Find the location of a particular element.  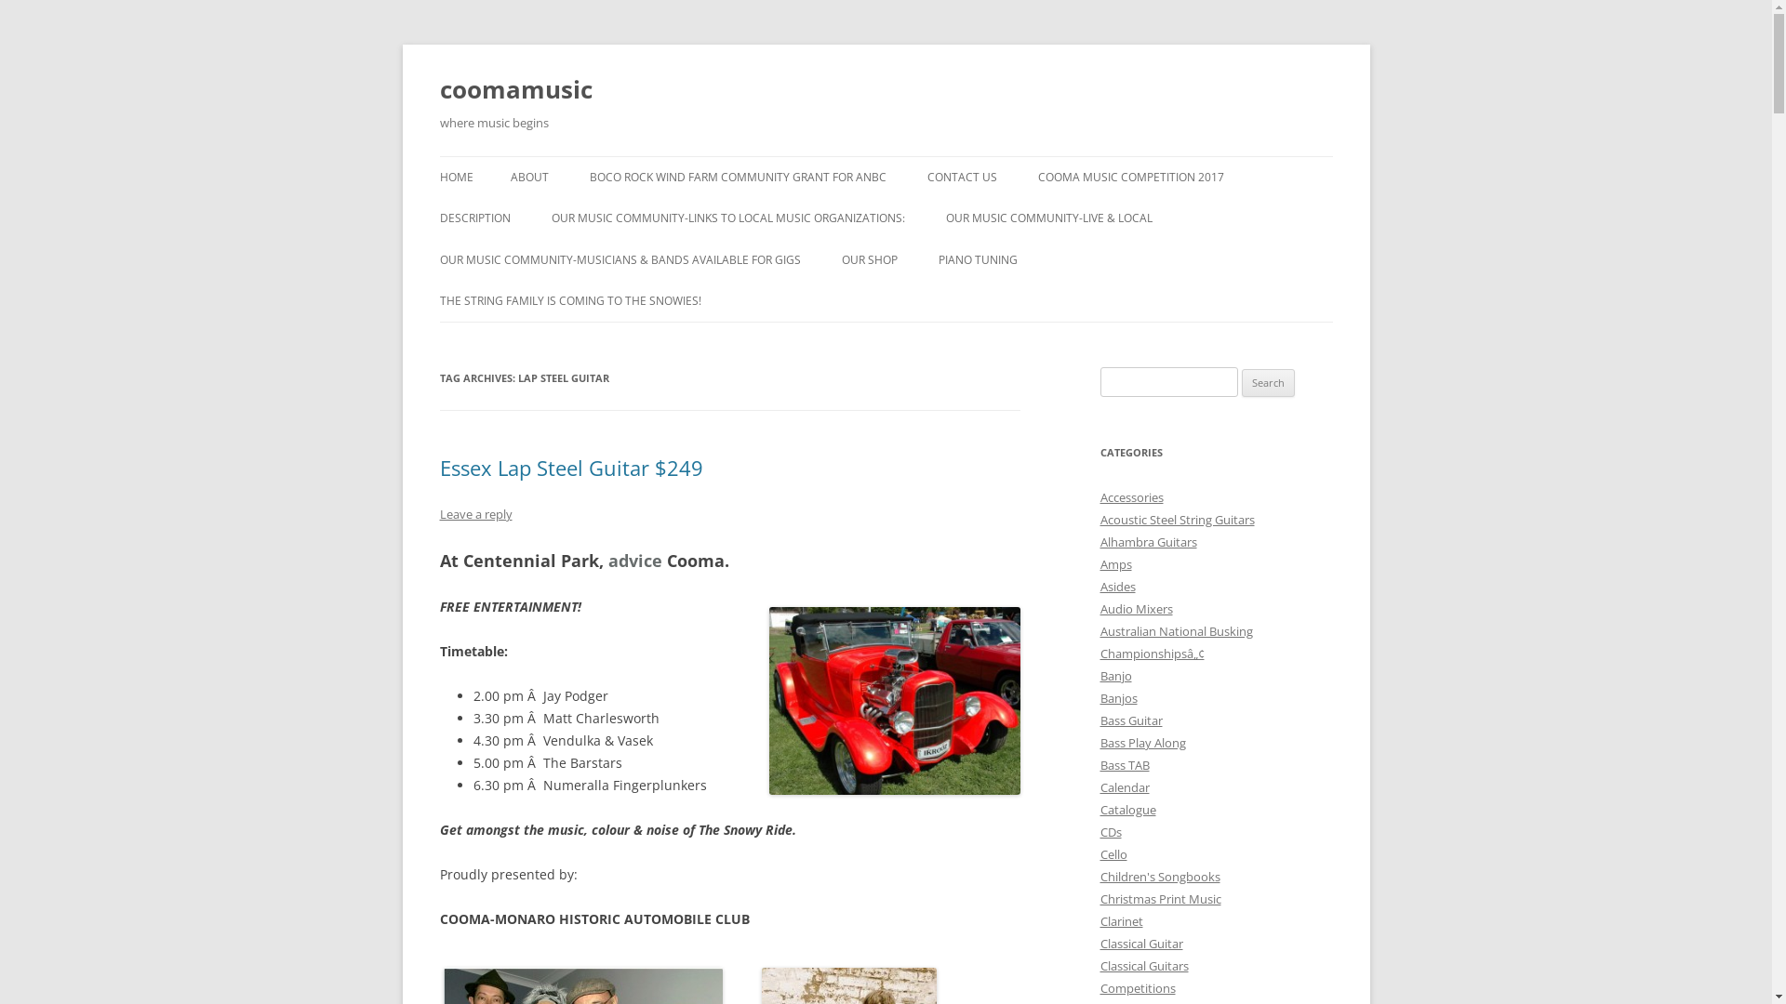

'Competitions' is located at coordinates (1136, 987).